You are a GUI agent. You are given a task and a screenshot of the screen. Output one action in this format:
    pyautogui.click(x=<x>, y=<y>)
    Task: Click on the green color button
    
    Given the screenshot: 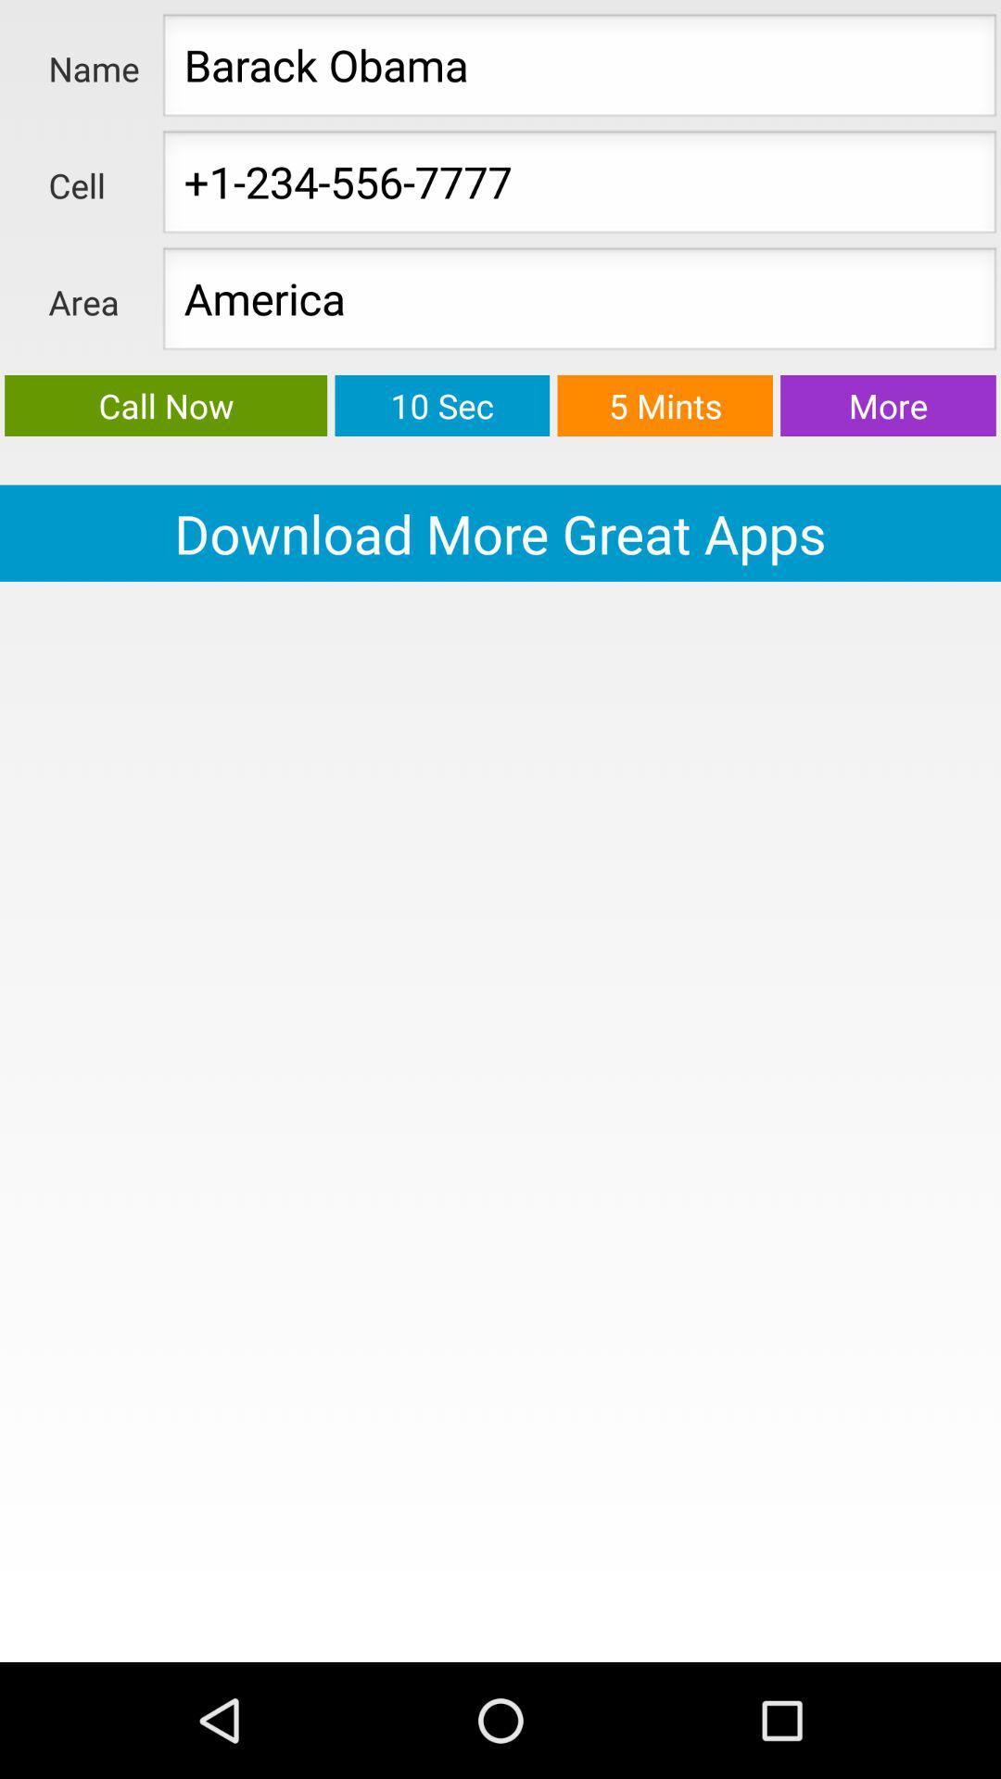 What is the action you would take?
    pyautogui.click(x=164, y=404)
    